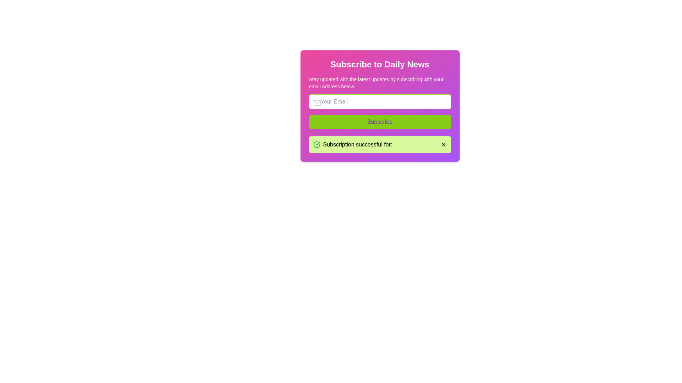 Image resolution: width=682 pixels, height=383 pixels. Describe the element at coordinates (379, 106) in the screenshot. I see `the email input field that allows users to input their email address for the subscription process, located directly below the subscription prompt text` at that location.